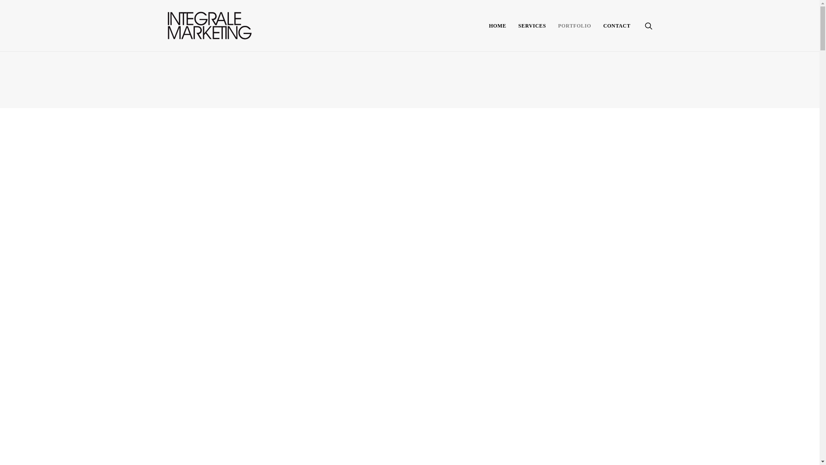 This screenshot has height=465, width=826. Describe the element at coordinates (497, 25) in the screenshot. I see `'HOME'` at that location.